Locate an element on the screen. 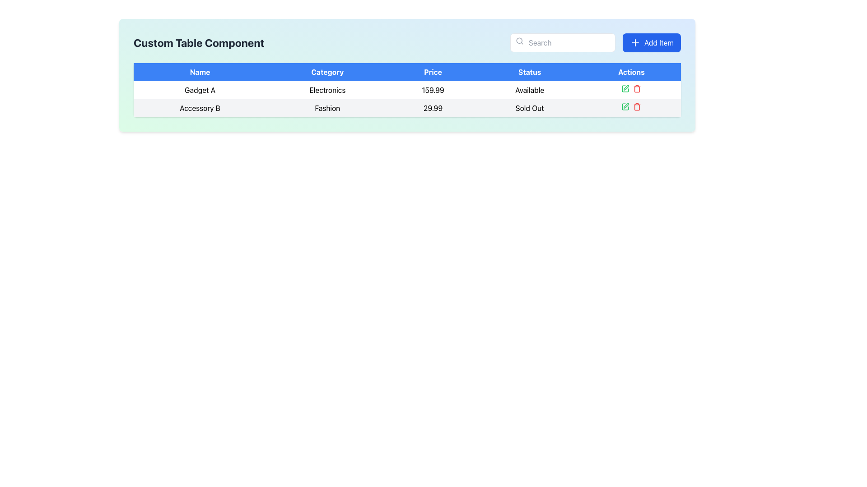 This screenshot has height=487, width=867. the Text Label displaying '29.99' in the 'Price' column of the table for the 'Fashion' category is located at coordinates (433, 107).